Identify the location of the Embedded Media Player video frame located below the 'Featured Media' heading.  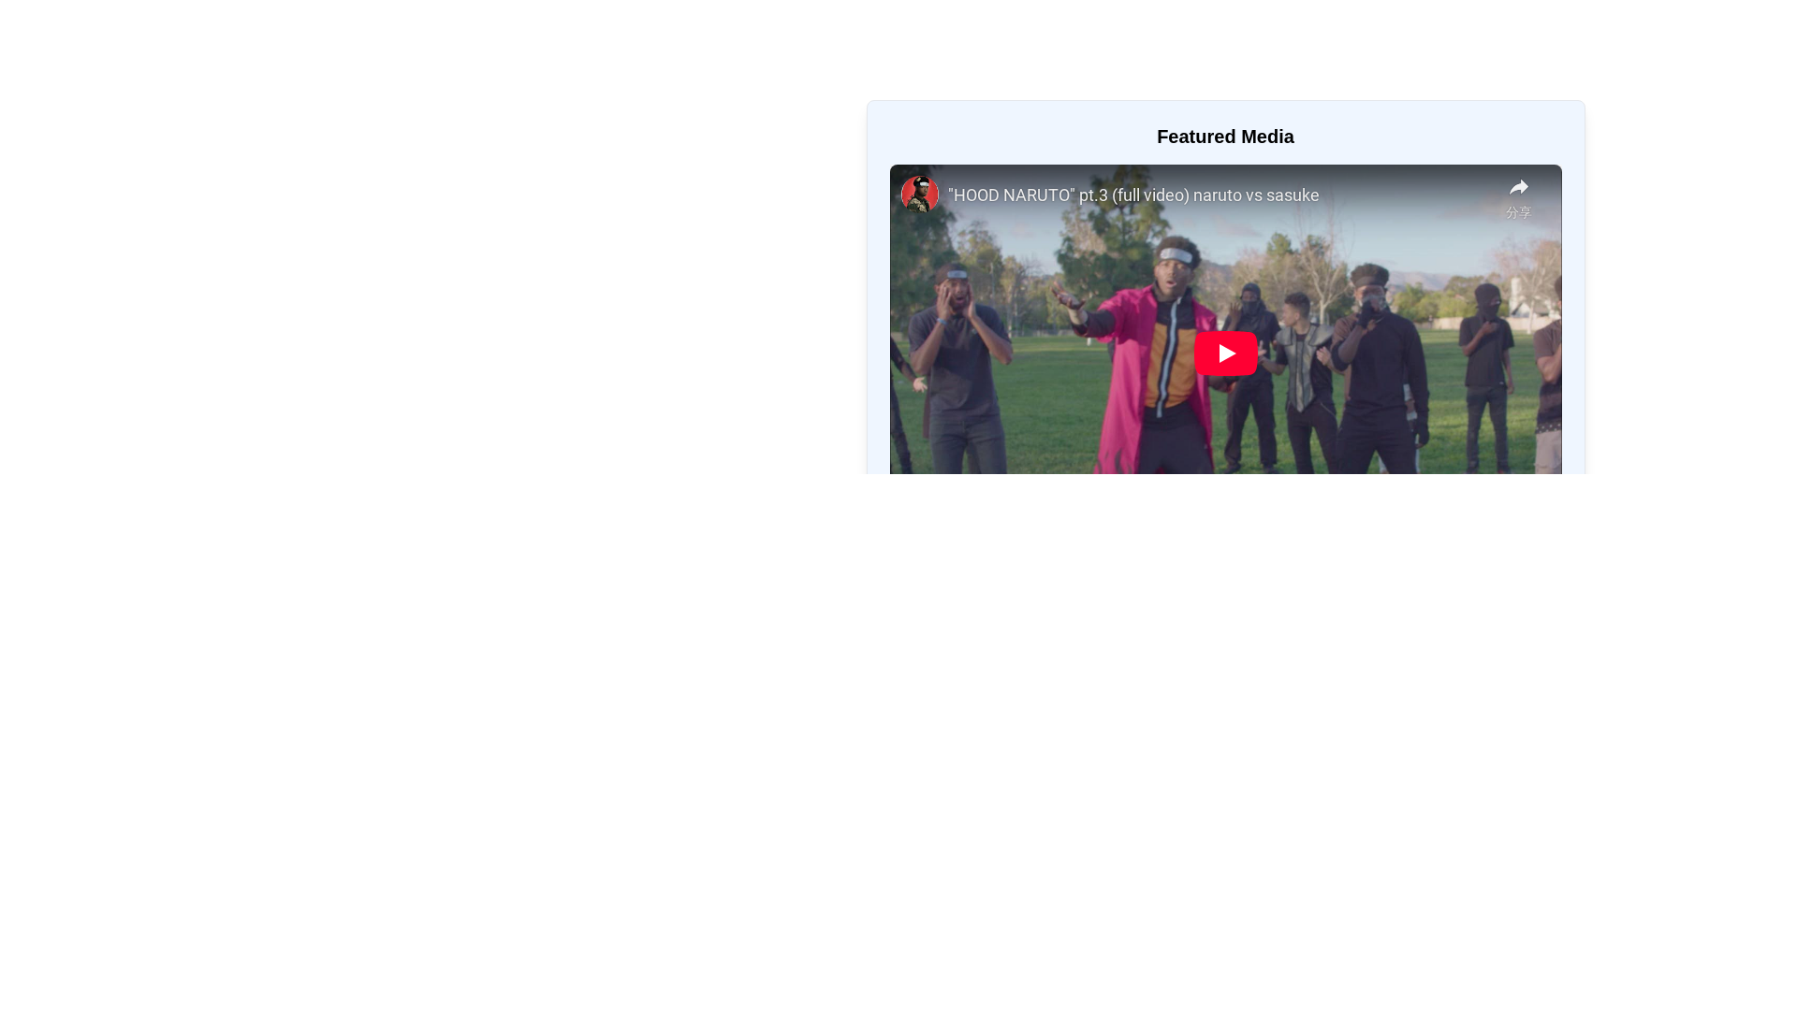
(1225, 353).